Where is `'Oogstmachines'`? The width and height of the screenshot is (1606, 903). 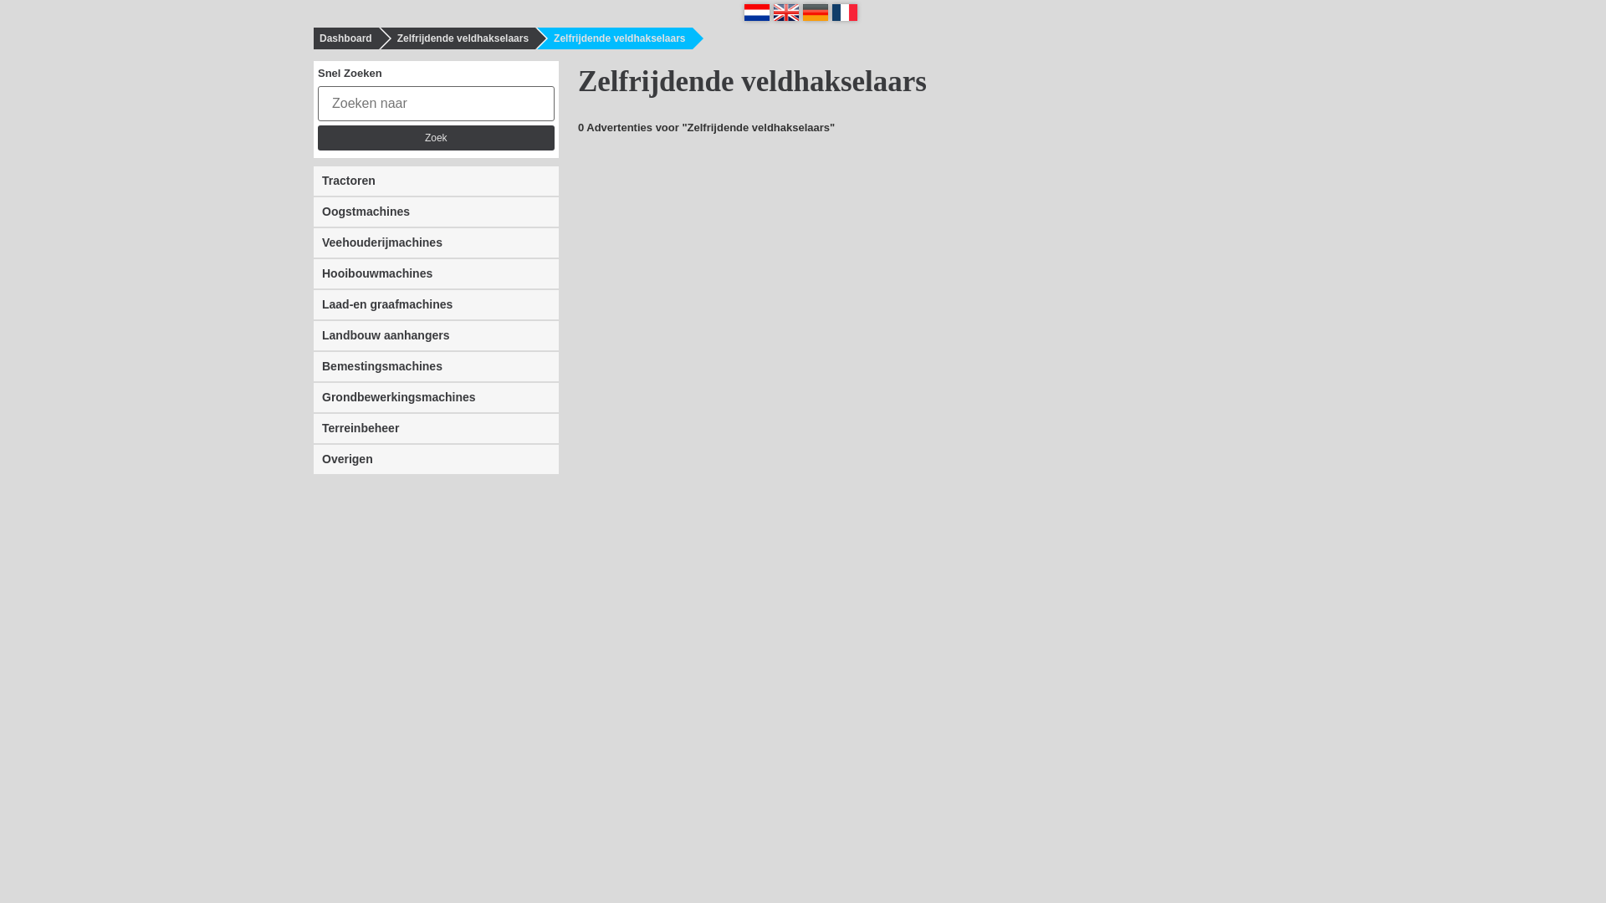 'Oogstmachines' is located at coordinates (436, 211).